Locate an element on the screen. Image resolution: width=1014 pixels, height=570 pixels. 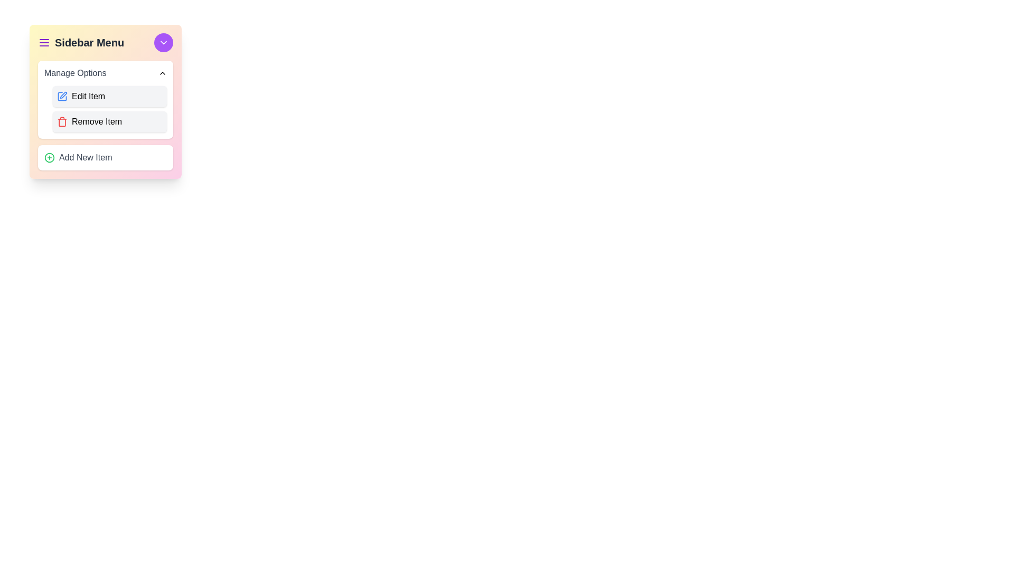
the header text element that serves as a title for the adjacent menu, located near the upper-left corner of the interface, directly below the menu icon is located at coordinates (89, 42).